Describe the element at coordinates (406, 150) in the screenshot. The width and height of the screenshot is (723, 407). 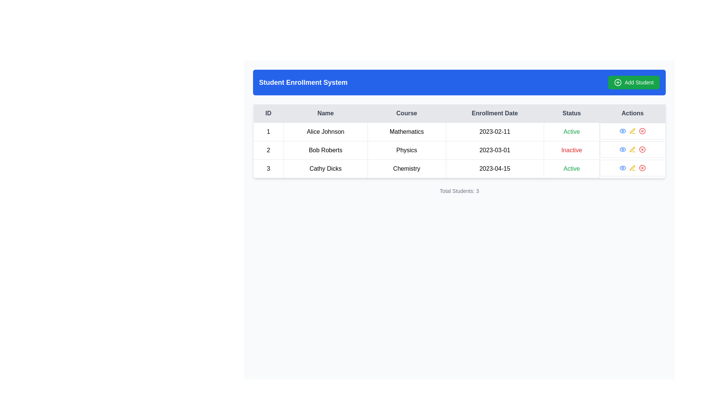
I see `the 'Course' text label in the second row of the table for Bob Roberts, which indicates the course associated with the student entry` at that location.